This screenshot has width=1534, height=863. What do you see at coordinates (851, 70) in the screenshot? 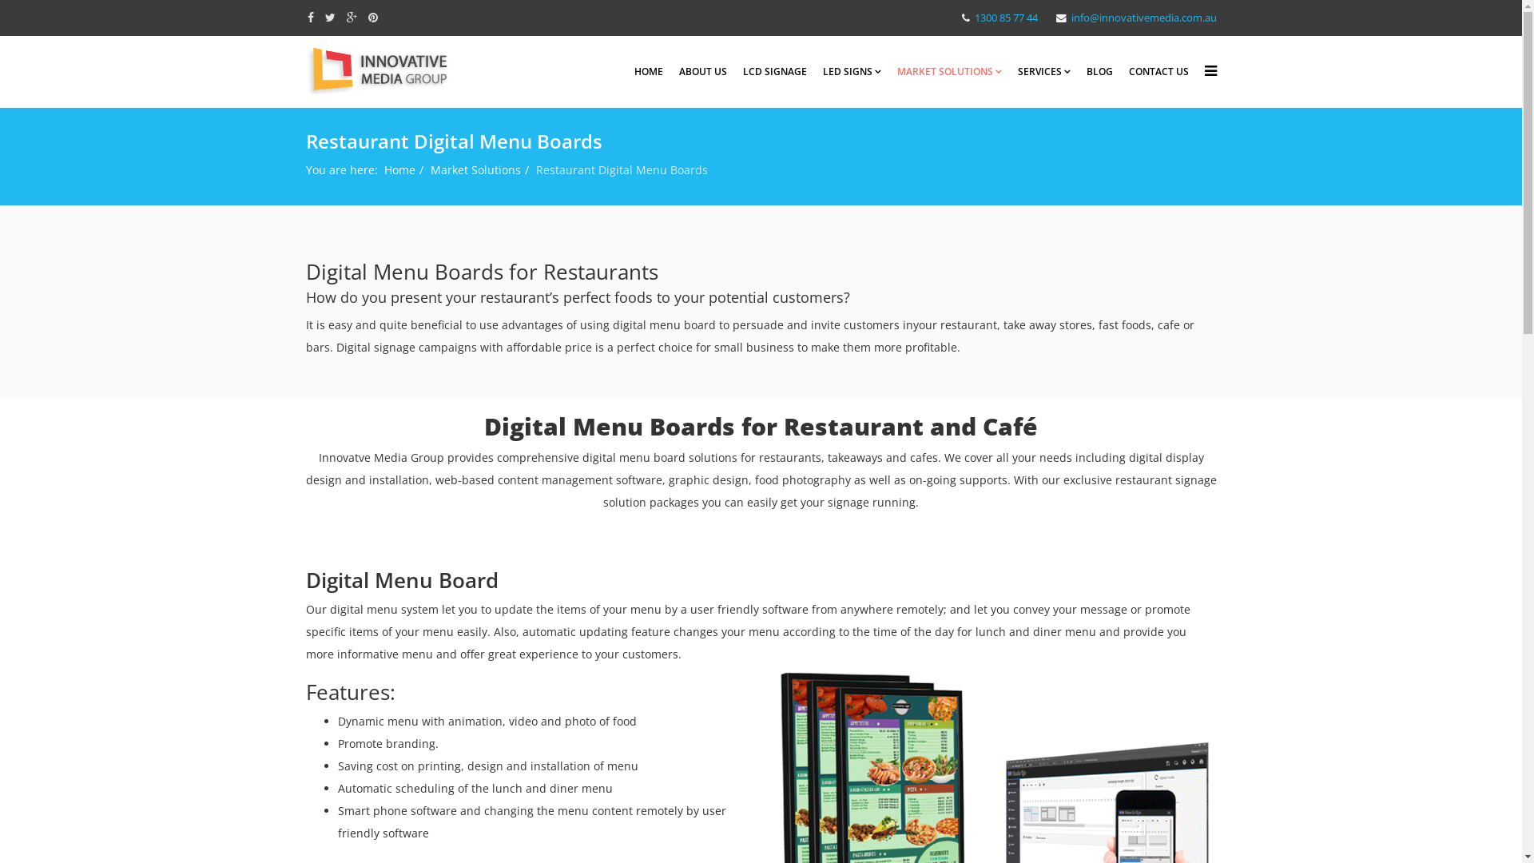
I see `'LED SIGNS'` at bounding box center [851, 70].